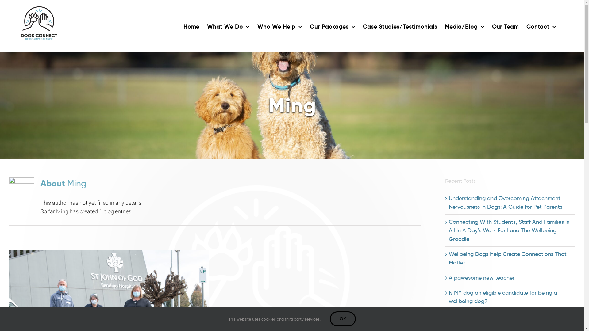 The width and height of the screenshot is (589, 331). Describe the element at coordinates (257, 25) in the screenshot. I see `'Who We Help'` at that location.